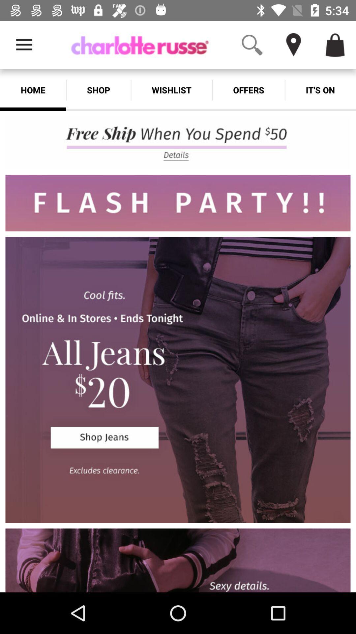 The width and height of the screenshot is (356, 634). Describe the element at coordinates (335, 45) in the screenshot. I see `shopping bag` at that location.